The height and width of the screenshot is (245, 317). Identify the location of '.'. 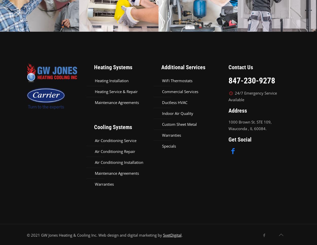
(182, 235).